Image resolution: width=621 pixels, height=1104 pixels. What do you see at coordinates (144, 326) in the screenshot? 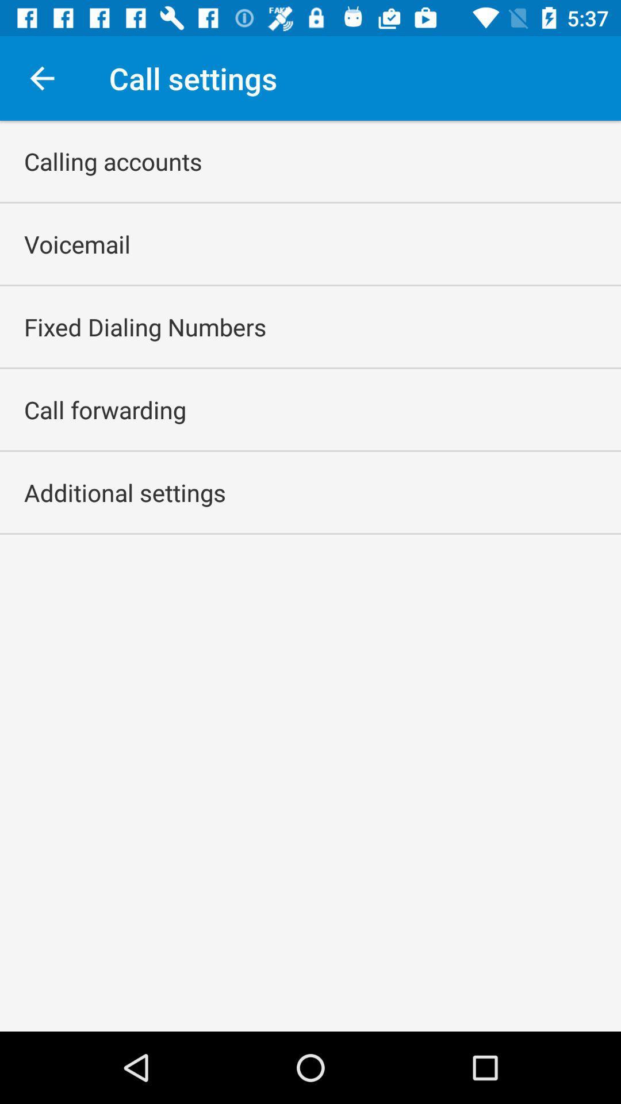
I see `fixed dialing numbers item` at bounding box center [144, 326].